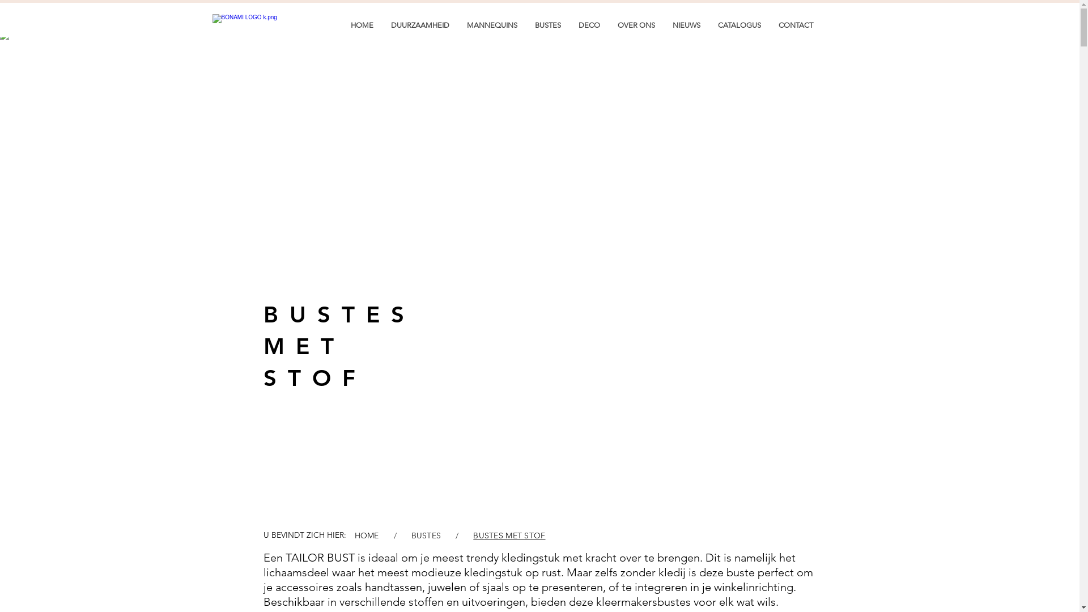  I want to click on 'NIEUWS', so click(663, 25).